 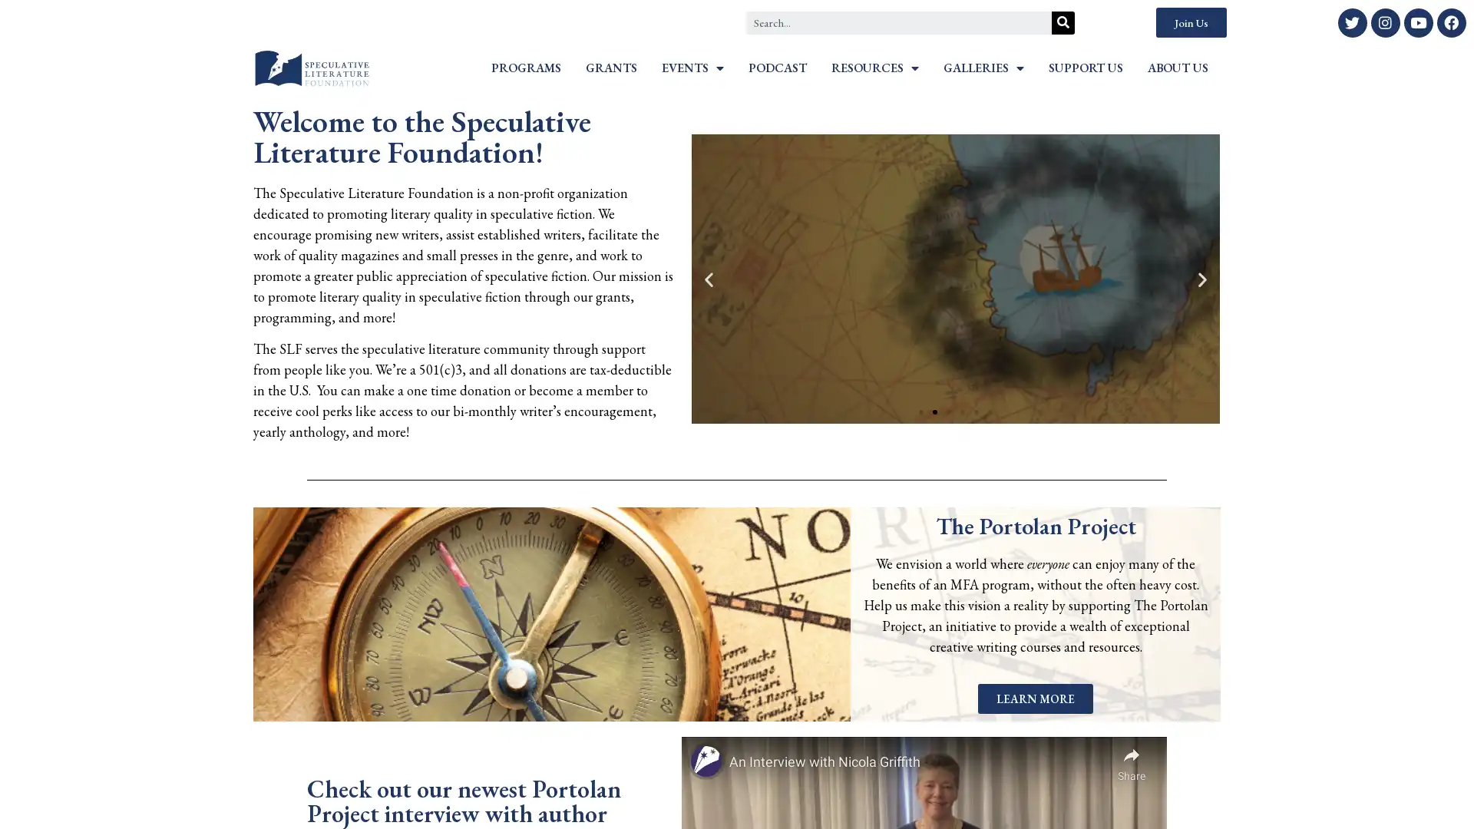 What do you see at coordinates (1201, 279) in the screenshot?
I see `Next slide` at bounding box center [1201, 279].